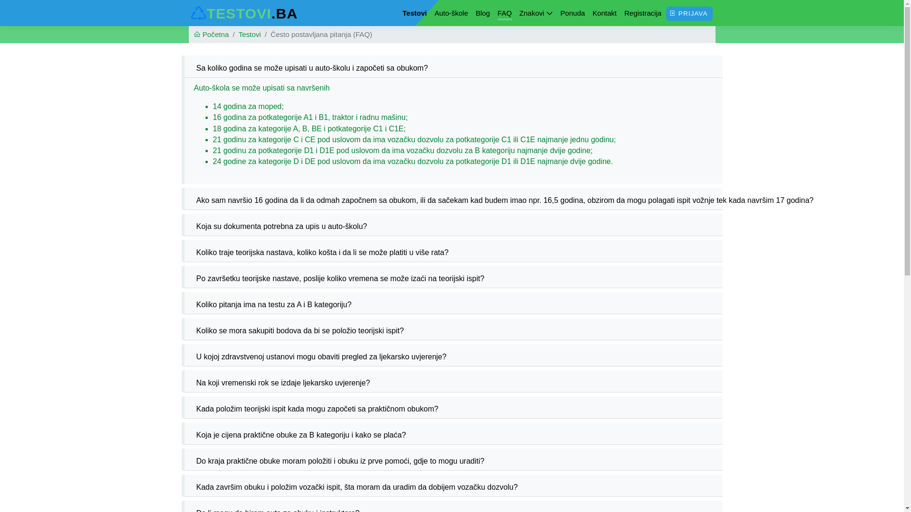 The image size is (911, 512). What do you see at coordinates (497, 14) in the screenshot?
I see `'FAQ'` at bounding box center [497, 14].